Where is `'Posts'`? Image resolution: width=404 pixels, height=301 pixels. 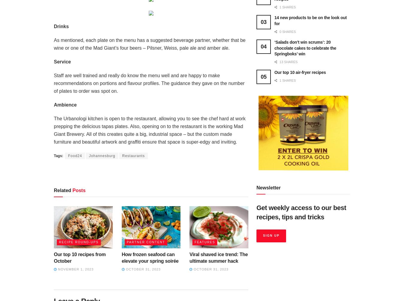
'Posts' is located at coordinates (71, 190).